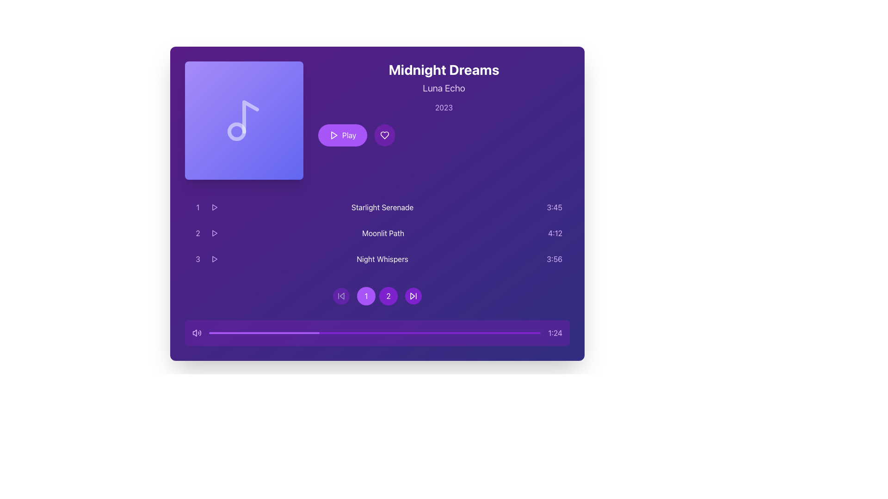 The image size is (888, 499). Describe the element at coordinates (259, 333) in the screenshot. I see `playback position` at that location.